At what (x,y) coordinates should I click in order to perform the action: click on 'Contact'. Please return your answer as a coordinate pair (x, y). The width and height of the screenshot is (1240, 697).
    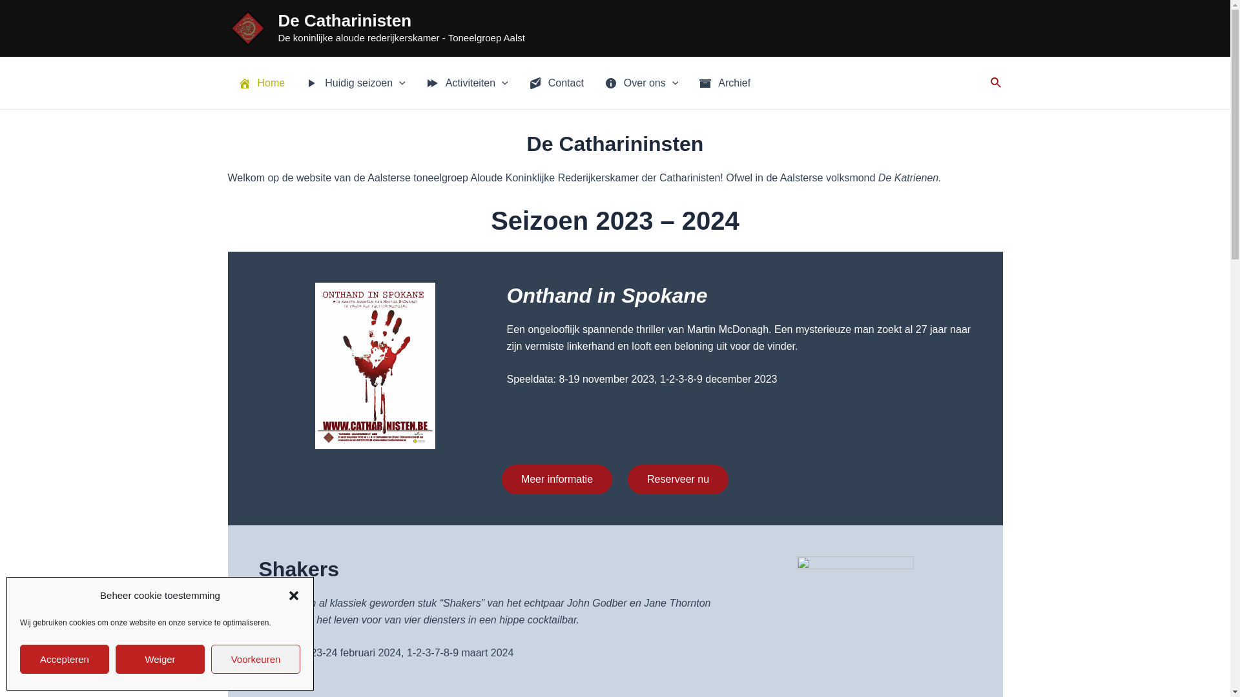
    Looking at the image, I should click on (556, 83).